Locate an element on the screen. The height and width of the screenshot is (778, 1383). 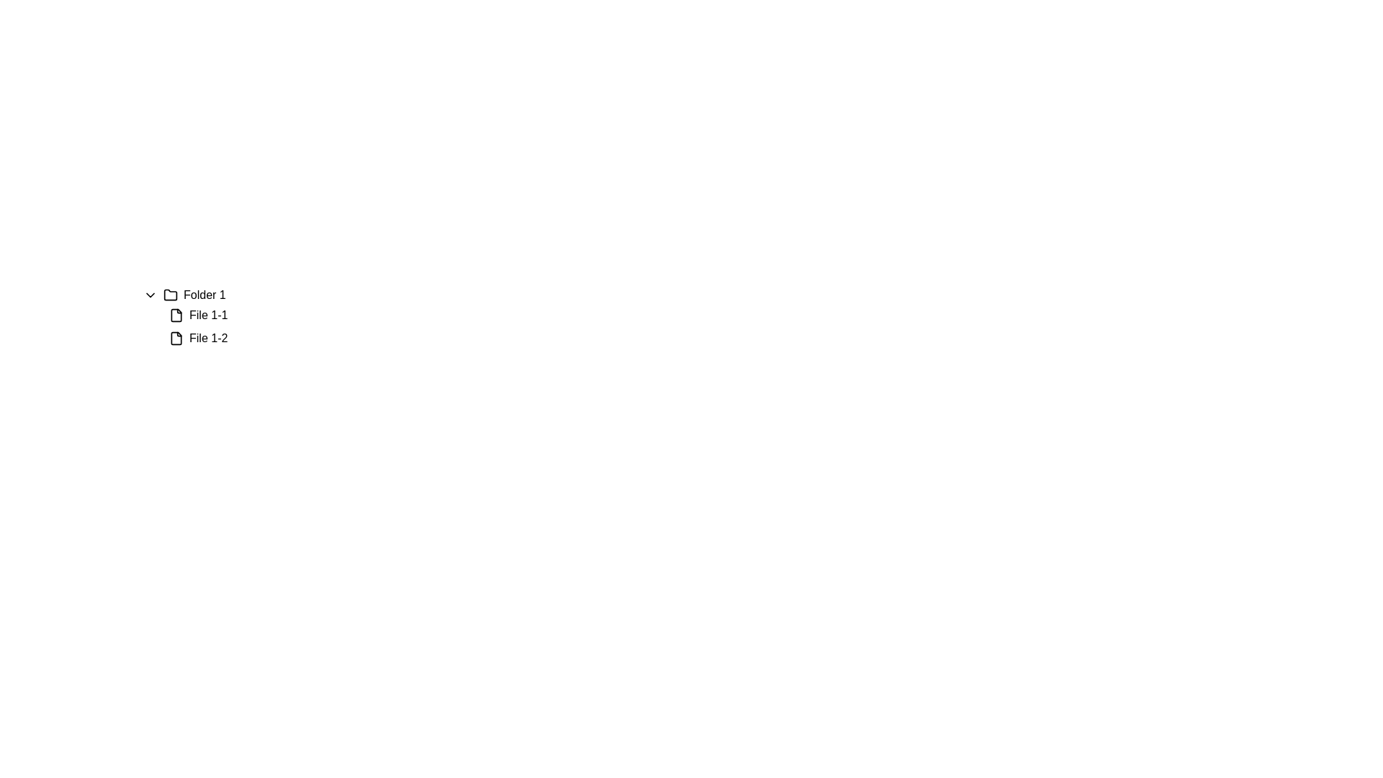
the chevron icon used for toggling the dropdown for 'Folder 1' to potentially see visual feedback such as a change in color or cursor is located at coordinates (151, 294).